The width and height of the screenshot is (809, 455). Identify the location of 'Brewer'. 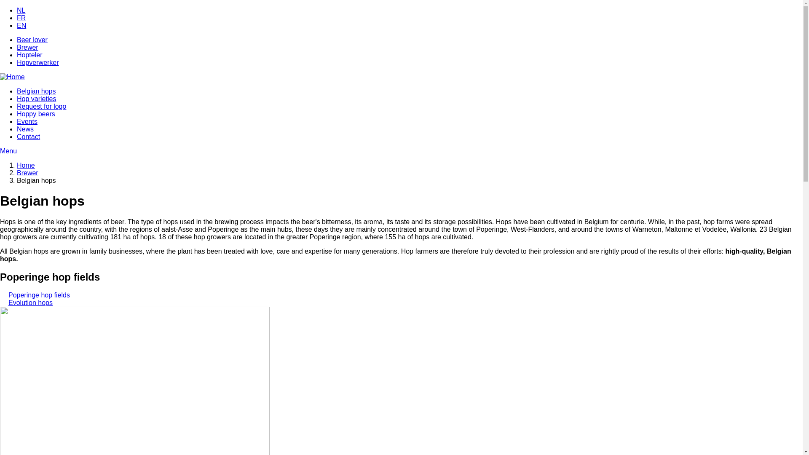
(27, 172).